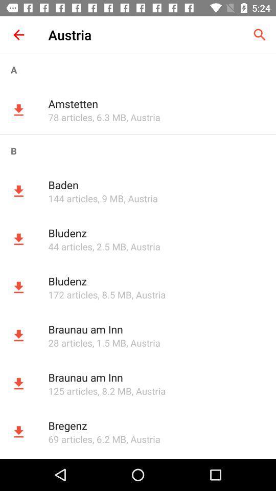  I want to click on baden app, so click(156, 184).